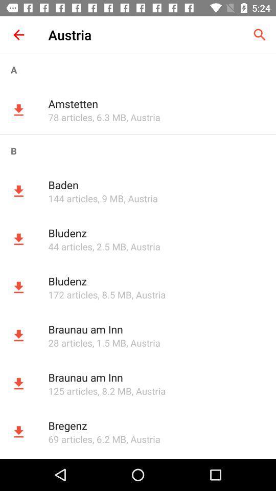  I want to click on baden app, so click(156, 184).